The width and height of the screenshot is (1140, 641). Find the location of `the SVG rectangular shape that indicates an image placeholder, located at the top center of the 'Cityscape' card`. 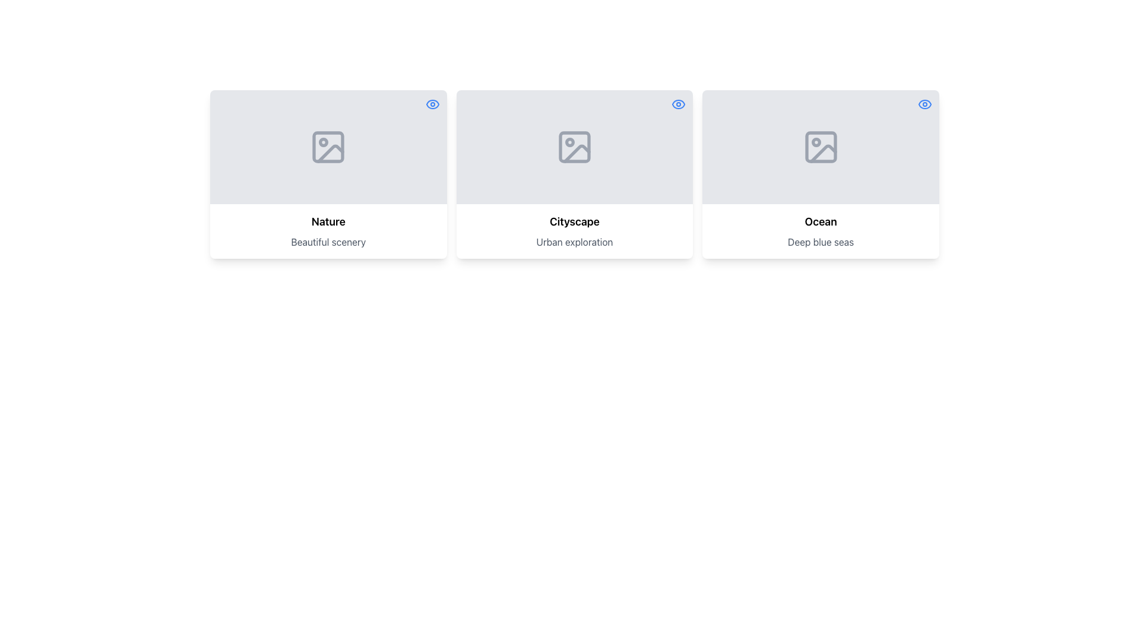

the SVG rectangular shape that indicates an image placeholder, located at the top center of the 'Cityscape' card is located at coordinates (575, 146).